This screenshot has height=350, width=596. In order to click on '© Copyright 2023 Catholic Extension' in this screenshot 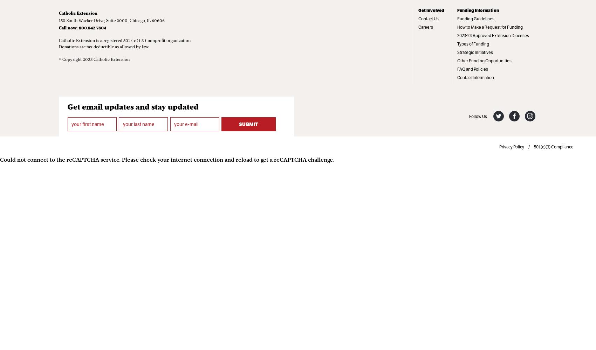, I will do `click(94, 60)`.